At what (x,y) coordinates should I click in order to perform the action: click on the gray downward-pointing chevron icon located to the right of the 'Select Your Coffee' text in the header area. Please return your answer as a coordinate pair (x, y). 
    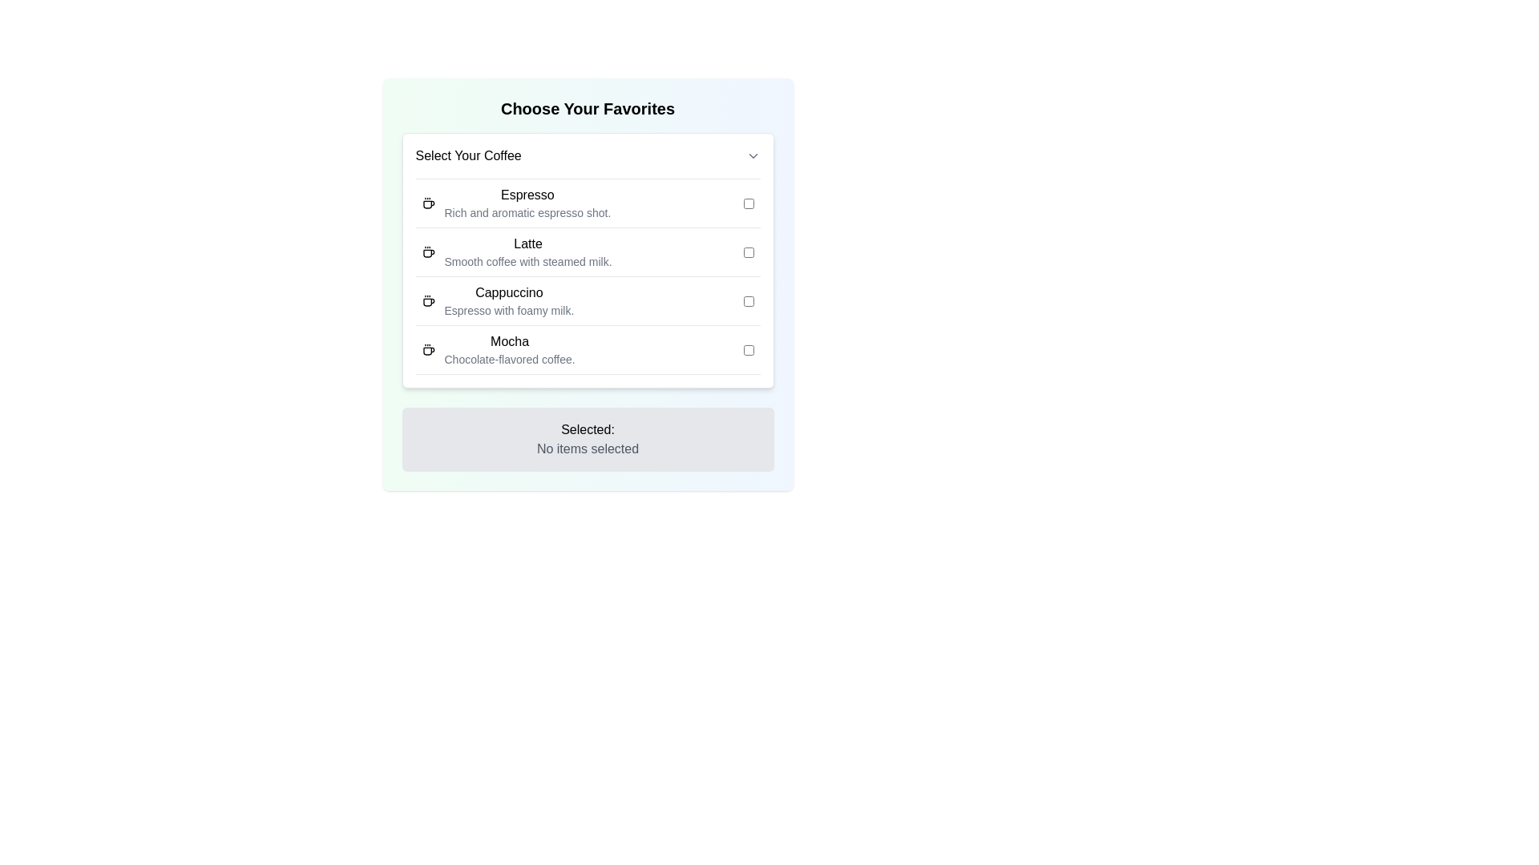
    Looking at the image, I should click on (752, 156).